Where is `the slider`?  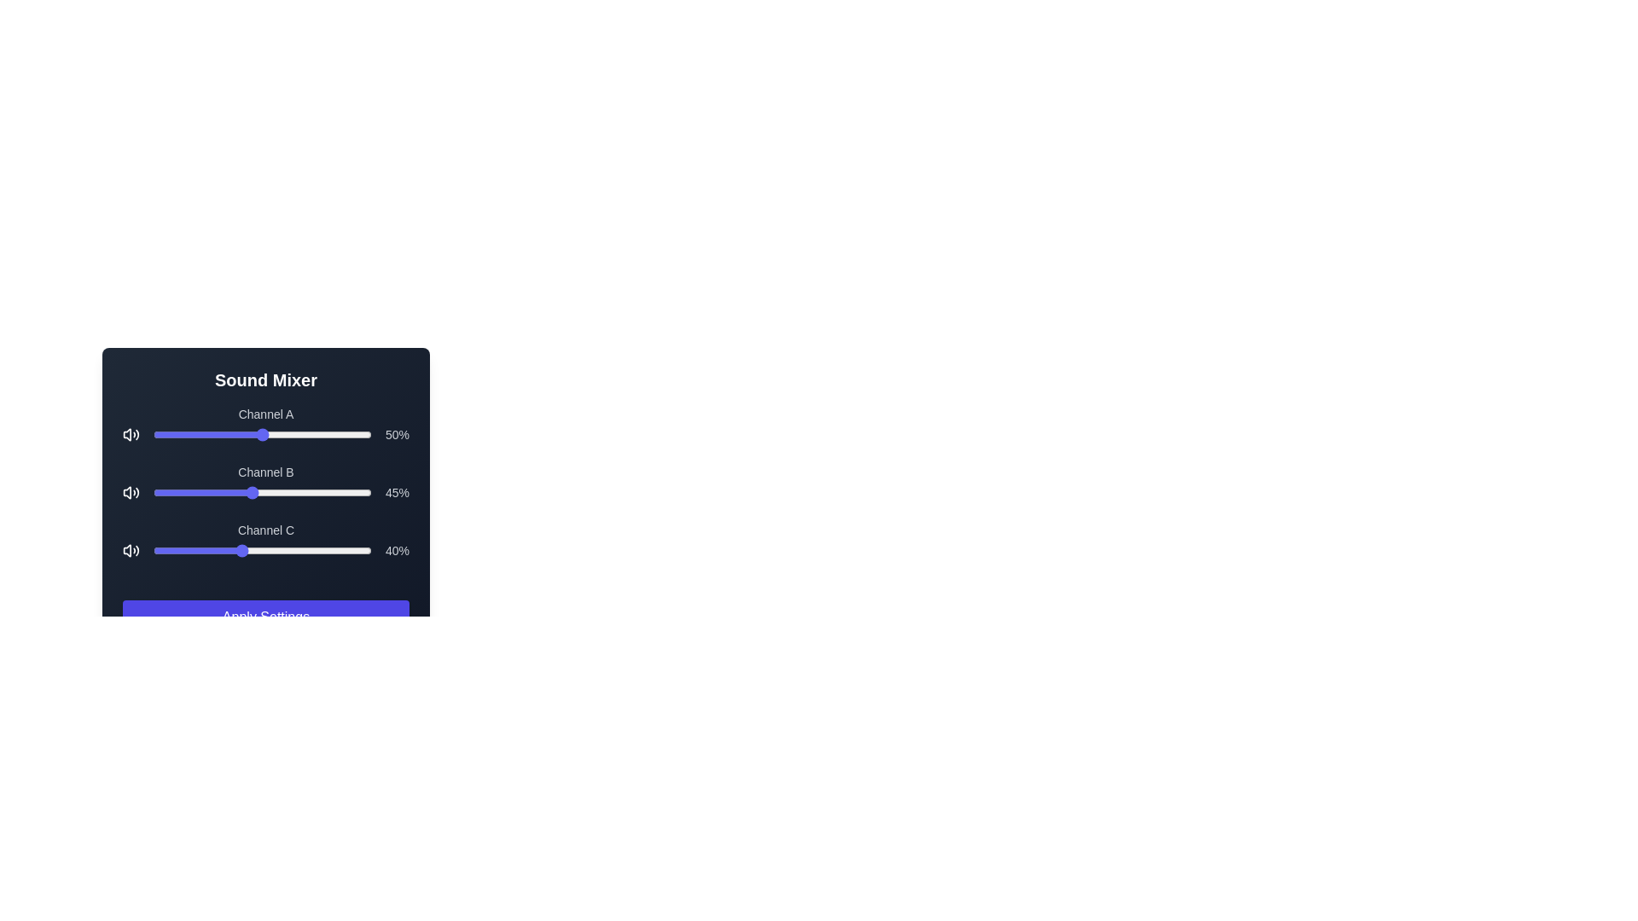 the slider is located at coordinates (302, 550).